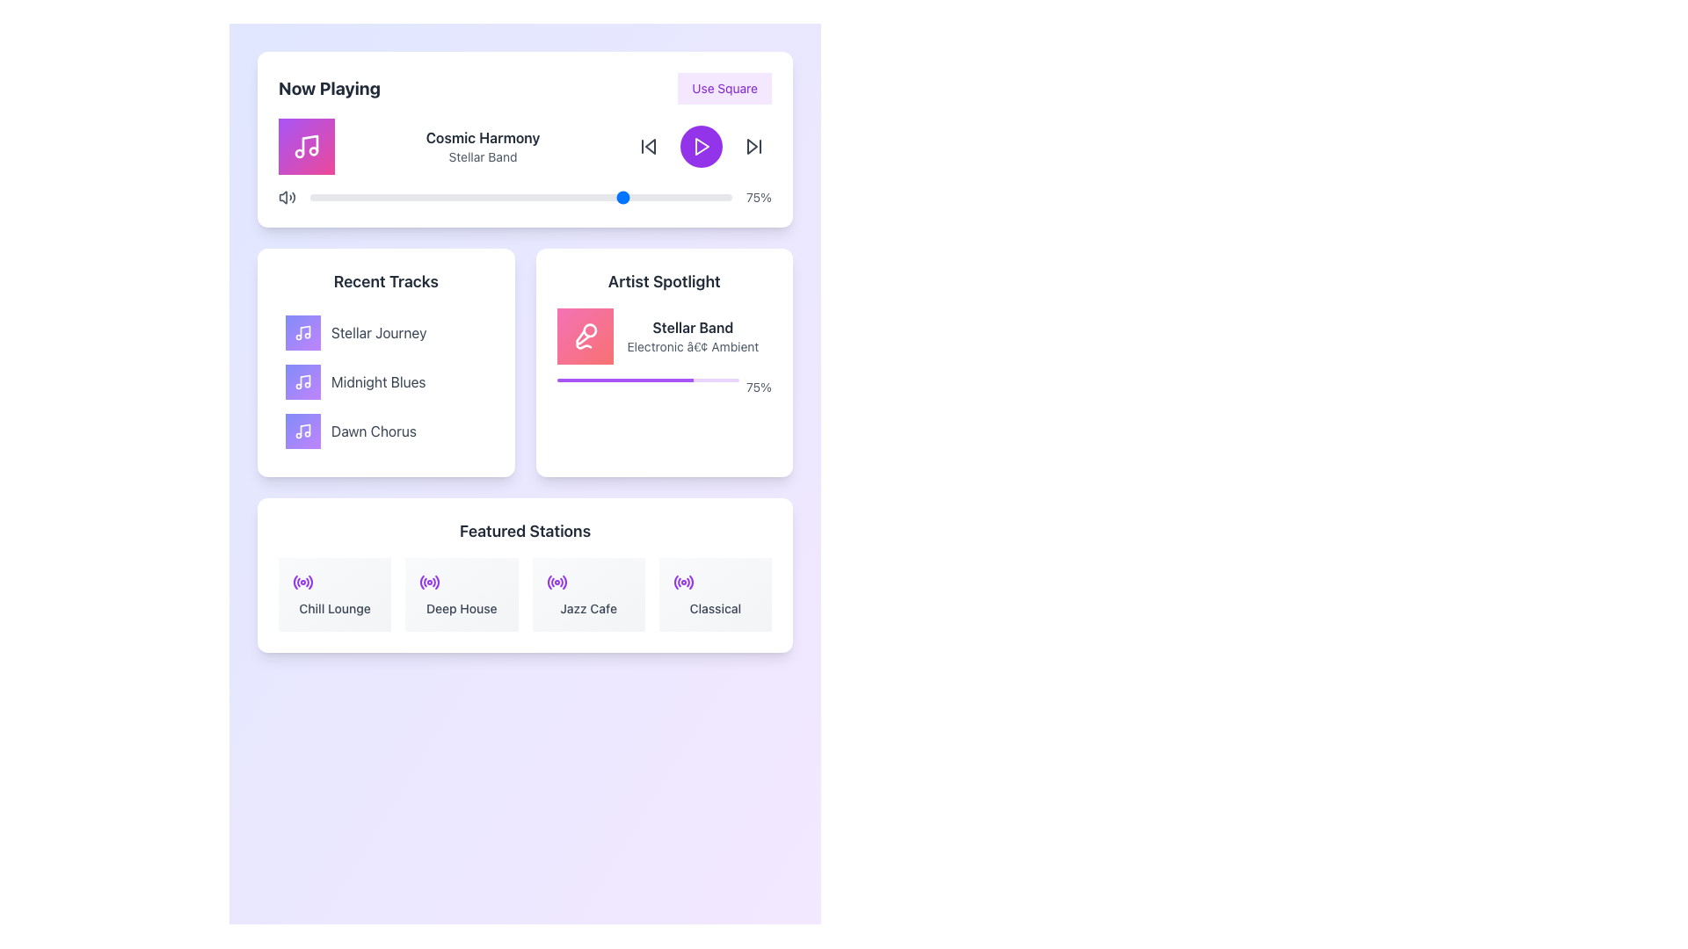  What do you see at coordinates (303, 431) in the screenshot?
I see `the 'Dawn Chorus' track icon in the 'Recent Tracks' section` at bounding box center [303, 431].